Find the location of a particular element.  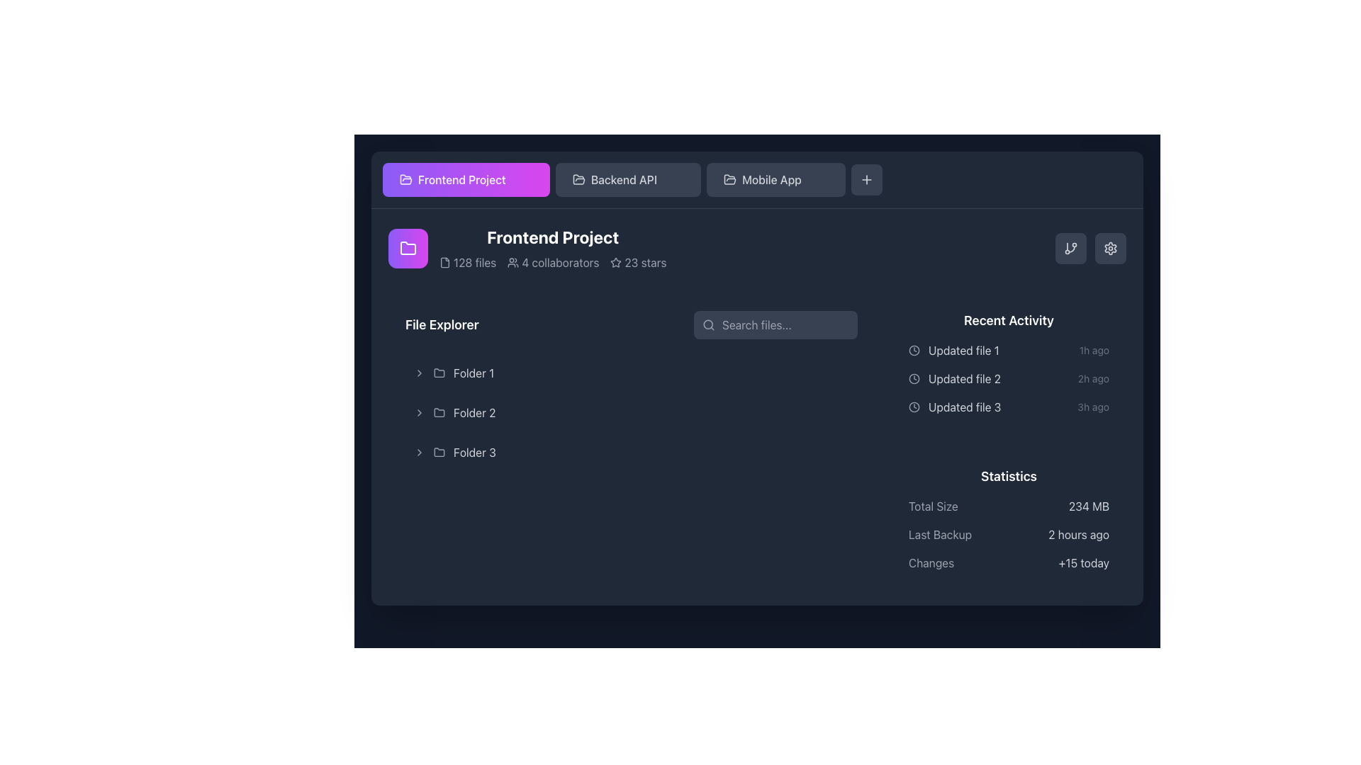

the text label reading 'Folder 2' in the 'File Explorer' section is located at coordinates (474, 412).